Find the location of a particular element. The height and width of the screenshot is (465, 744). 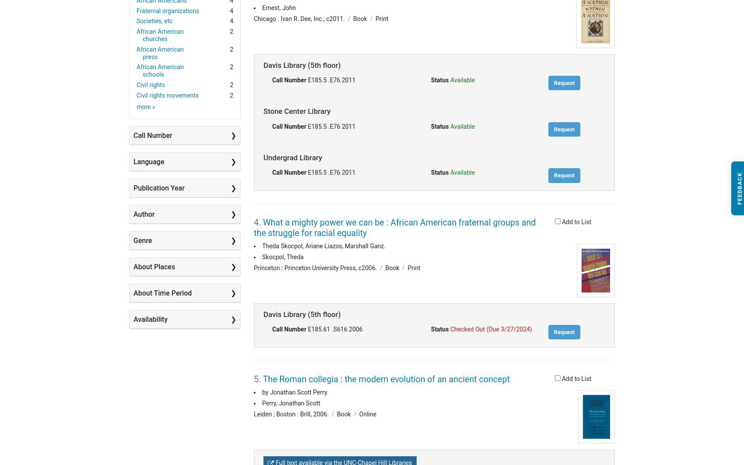

'Civil rights movements' is located at coordinates (167, 95).